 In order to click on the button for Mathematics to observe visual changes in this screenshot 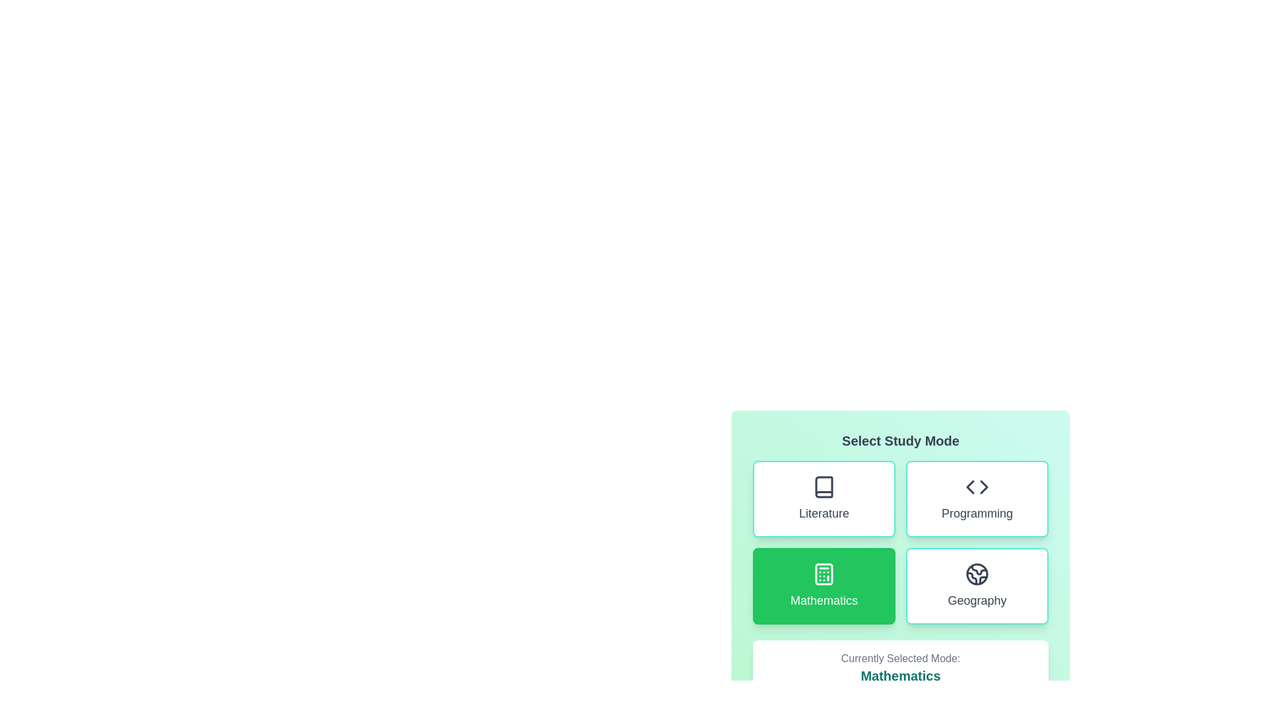, I will do `click(823, 585)`.